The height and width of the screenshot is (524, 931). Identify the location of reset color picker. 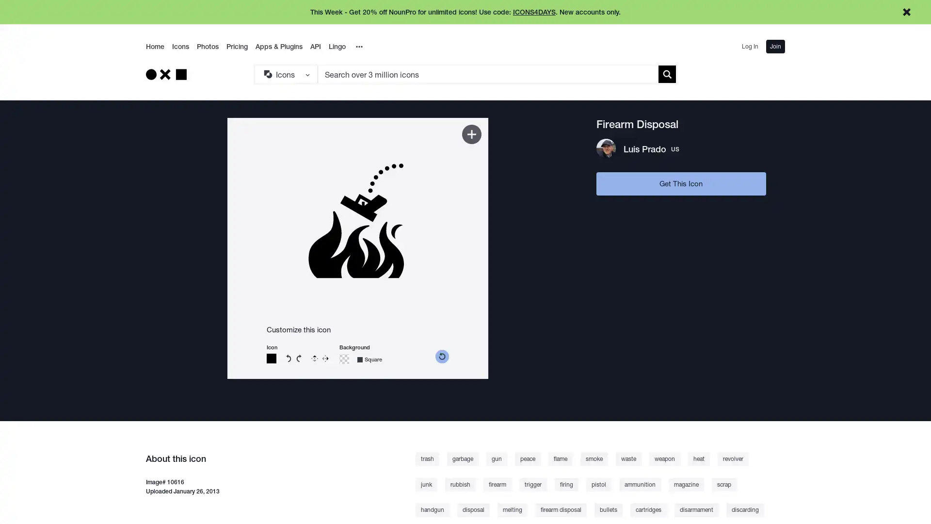
(441, 357).